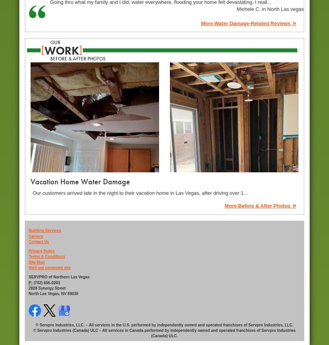  I want to click on 'SERVPRO of Northern Las Vegas', so click(29, 277).